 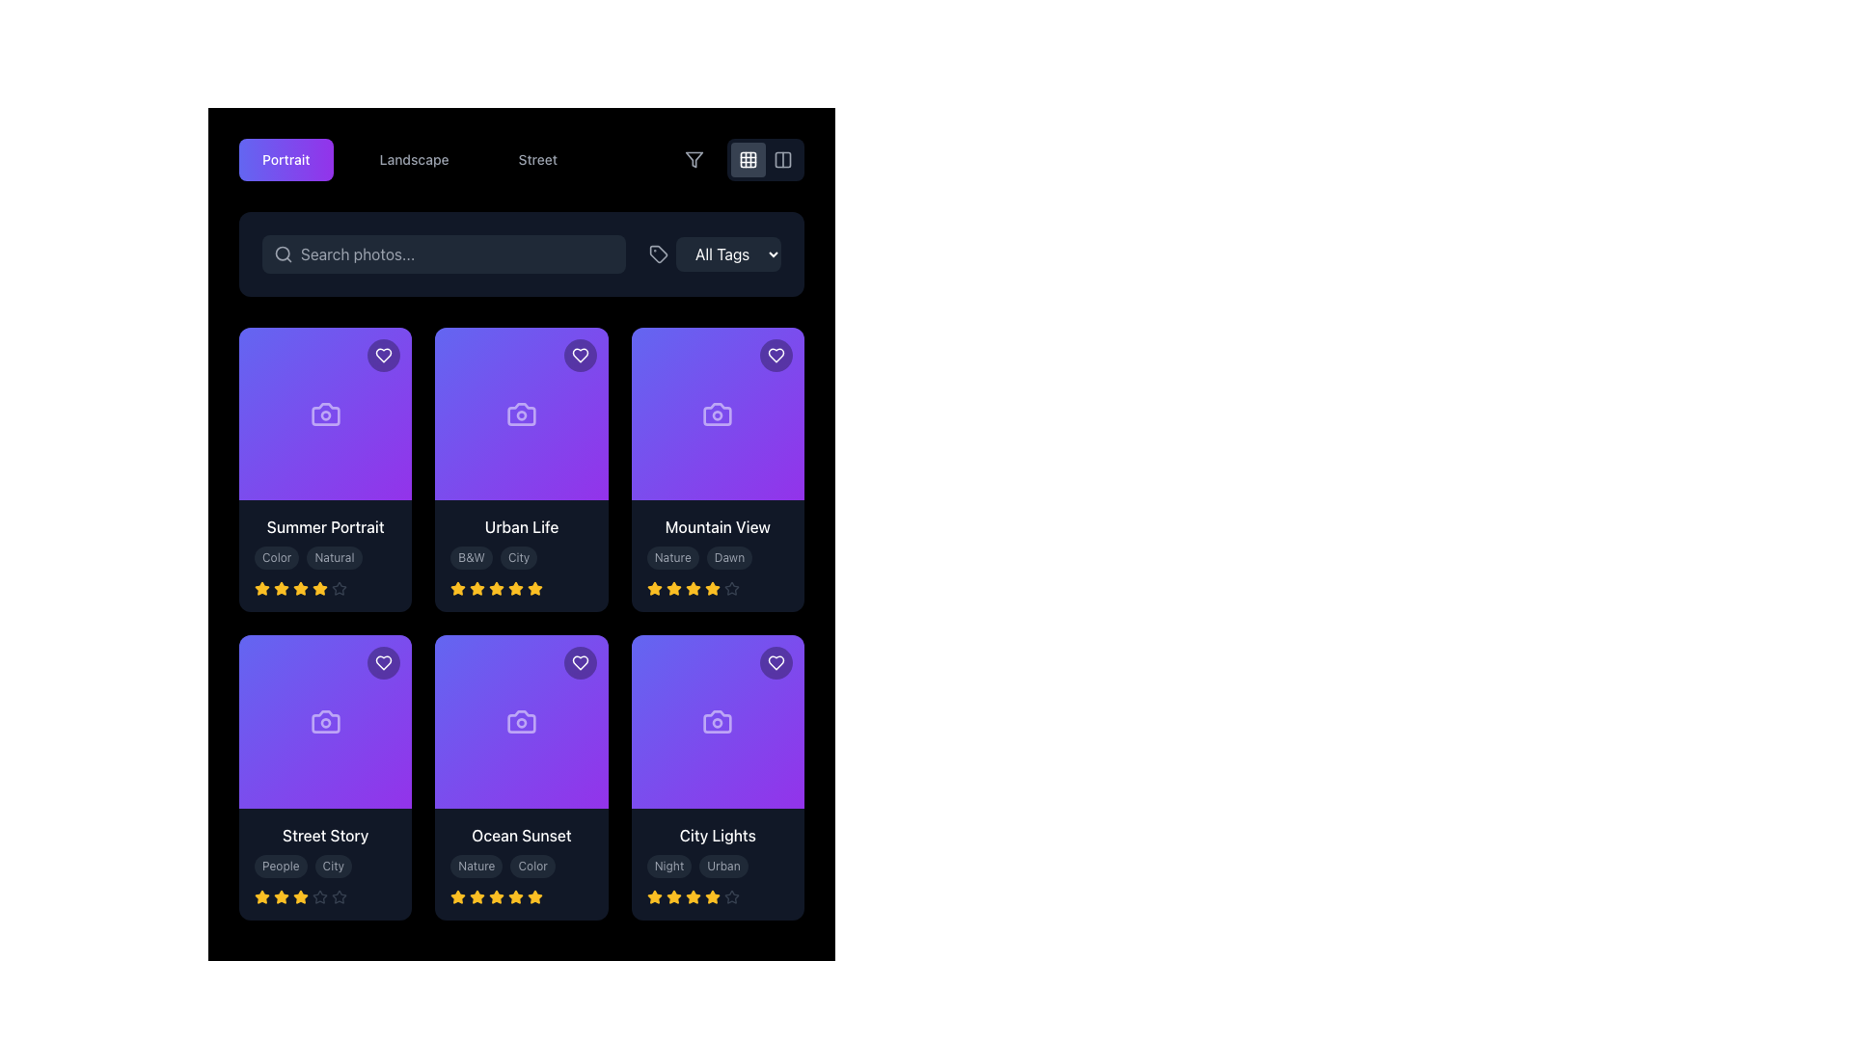 I want to click on the tag group displaying 'Color' and 'Natural' attributes within the 'Summer Portrait' card, located below the card title and above the rating stars, so click(x=325, y=556).